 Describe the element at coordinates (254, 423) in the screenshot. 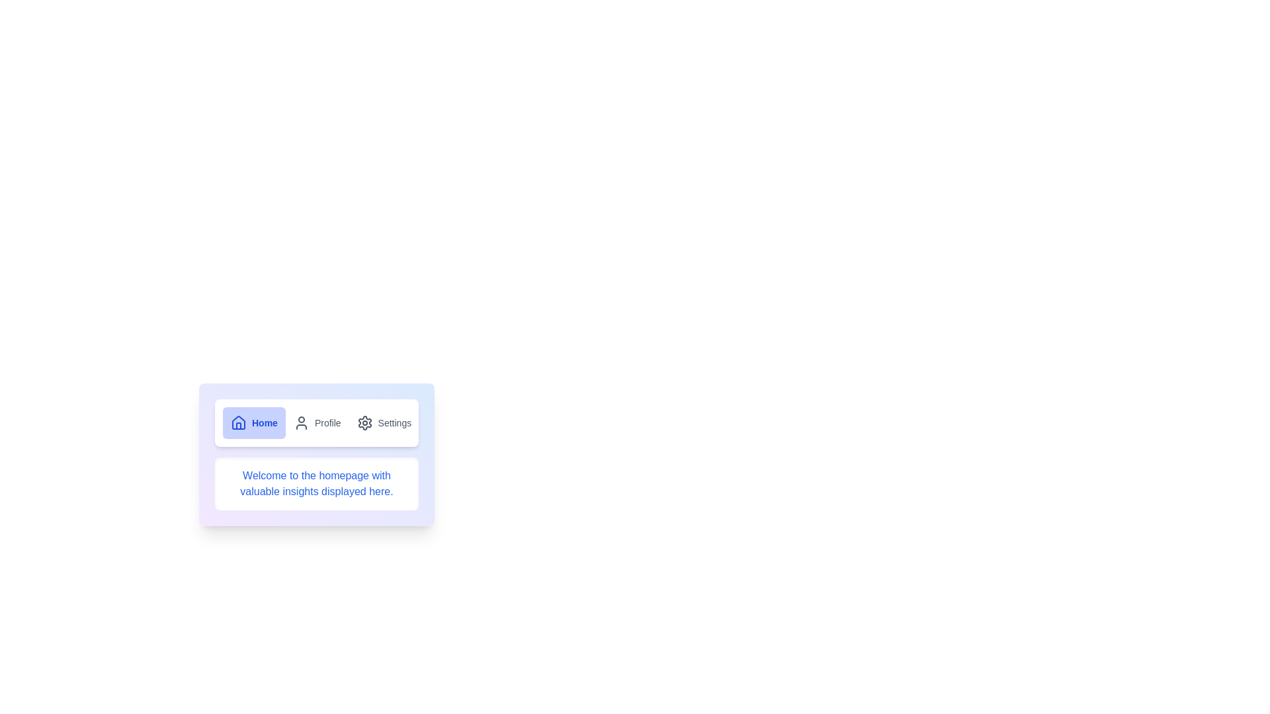

I see `the Home tab to display its content` at that location.